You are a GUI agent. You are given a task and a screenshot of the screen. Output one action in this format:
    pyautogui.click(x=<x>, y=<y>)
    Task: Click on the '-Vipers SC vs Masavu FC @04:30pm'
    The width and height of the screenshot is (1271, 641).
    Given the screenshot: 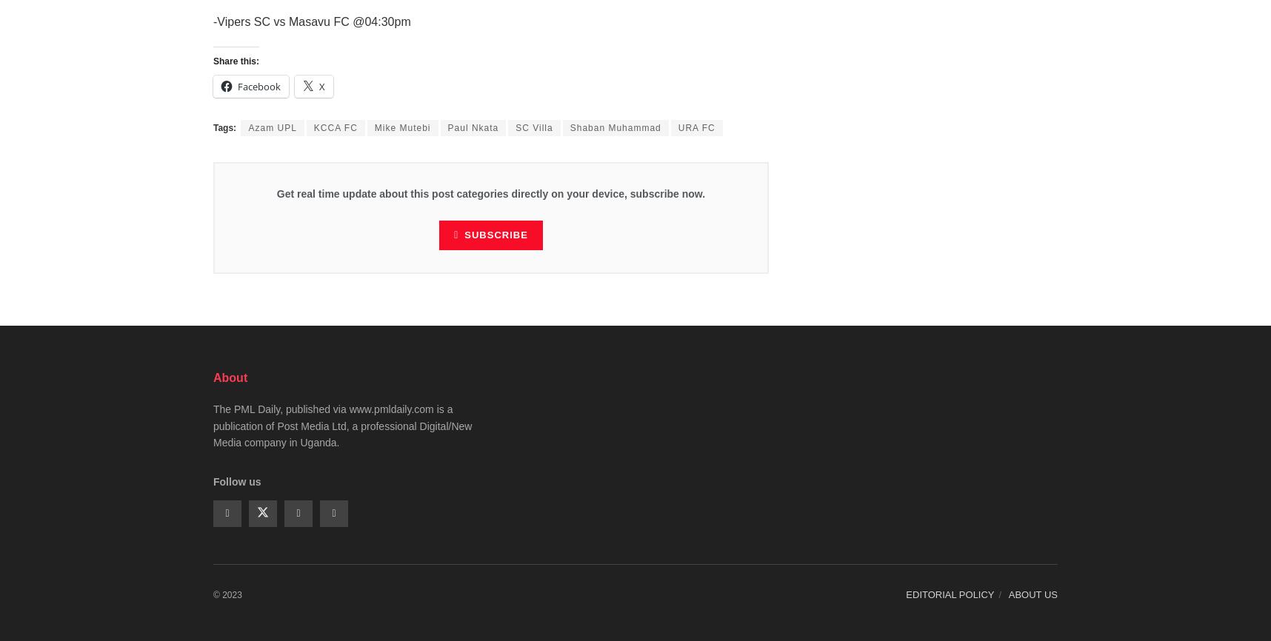 What is the action you would take?
    pyautogui.click(x=311, y=21)
    